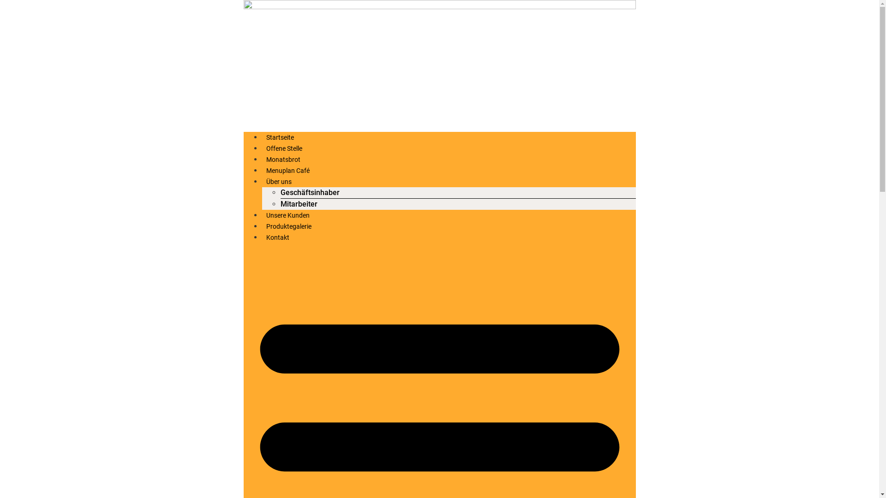 This screenshot has width=886, height=498. I want to click on 'Mitarbeiter', so click(299, 203).